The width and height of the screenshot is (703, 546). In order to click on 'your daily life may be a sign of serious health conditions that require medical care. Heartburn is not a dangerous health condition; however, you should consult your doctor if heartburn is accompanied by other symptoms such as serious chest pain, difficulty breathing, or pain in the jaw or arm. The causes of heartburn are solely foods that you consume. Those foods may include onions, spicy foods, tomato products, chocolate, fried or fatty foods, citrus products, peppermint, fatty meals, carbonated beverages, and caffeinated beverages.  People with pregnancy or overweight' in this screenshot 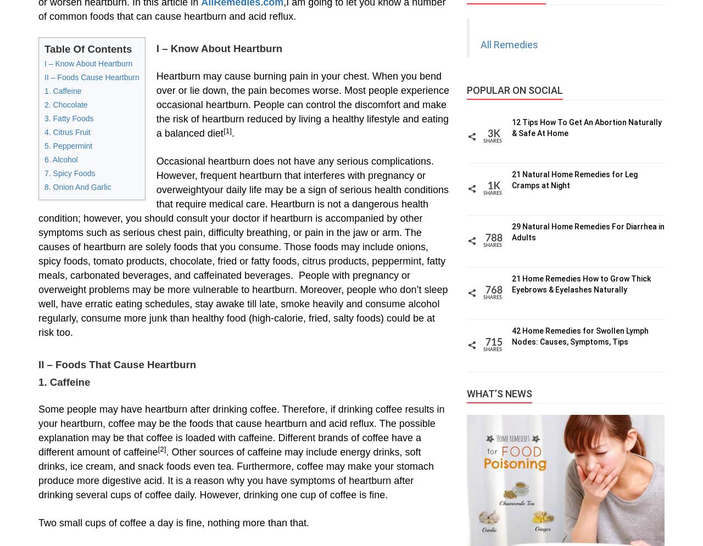, I will do `click(243, 239)`.